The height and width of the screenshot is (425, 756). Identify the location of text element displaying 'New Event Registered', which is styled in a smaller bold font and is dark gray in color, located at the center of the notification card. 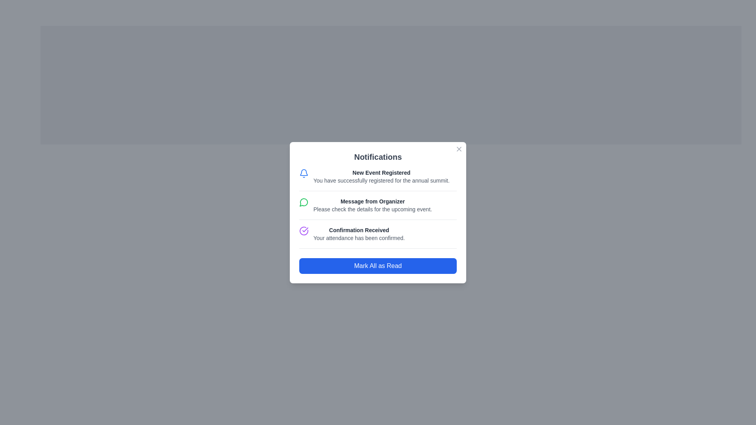
(381, 172).